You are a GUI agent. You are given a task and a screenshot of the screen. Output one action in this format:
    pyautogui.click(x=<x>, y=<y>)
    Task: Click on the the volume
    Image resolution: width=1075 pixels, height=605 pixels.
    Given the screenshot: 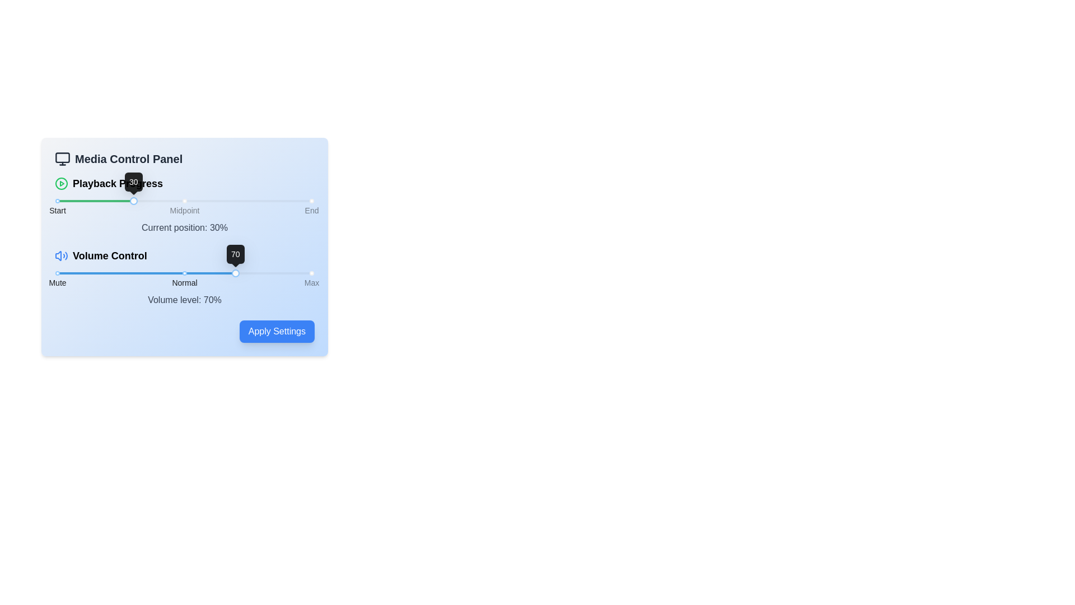 What is the action you would take?
    pyautogui.click(x=99, y=273)
    